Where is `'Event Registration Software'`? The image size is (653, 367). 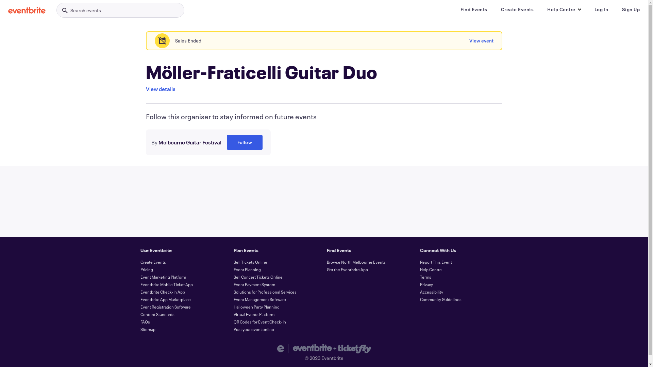
'Event Registration Software' is located at coordinates (165, 307).